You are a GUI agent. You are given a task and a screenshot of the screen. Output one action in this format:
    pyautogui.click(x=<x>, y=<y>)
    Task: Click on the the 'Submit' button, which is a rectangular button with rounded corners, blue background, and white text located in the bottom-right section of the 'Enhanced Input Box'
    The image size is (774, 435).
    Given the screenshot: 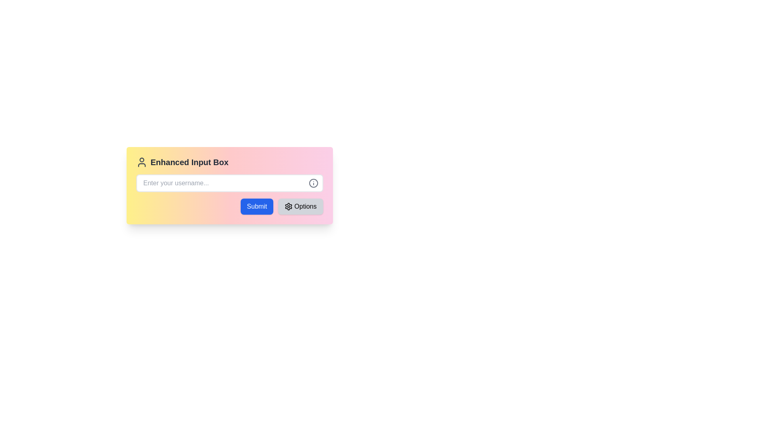 What is the action you would take?
    pyautogui.click(x=256, y=206)
    